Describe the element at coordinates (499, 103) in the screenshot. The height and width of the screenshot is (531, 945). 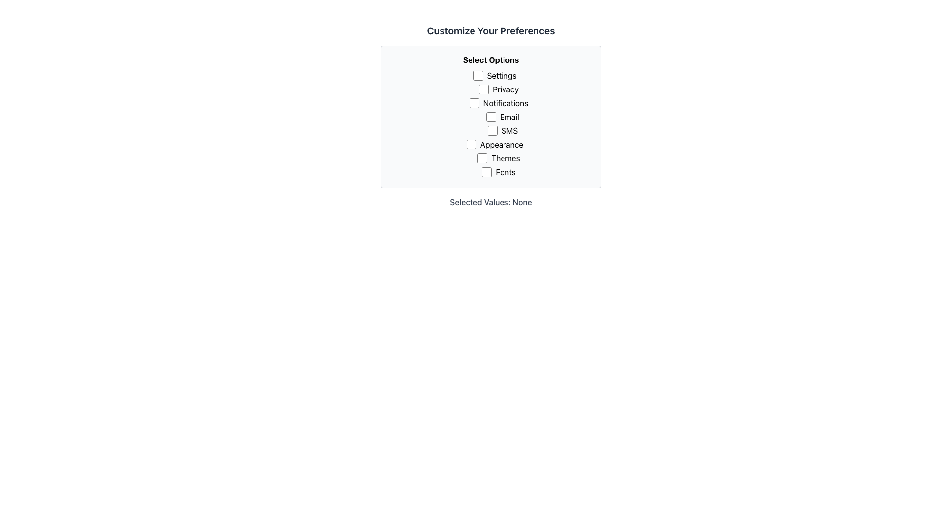
I see `the 'Notifications' label of the checkbox` at that location.